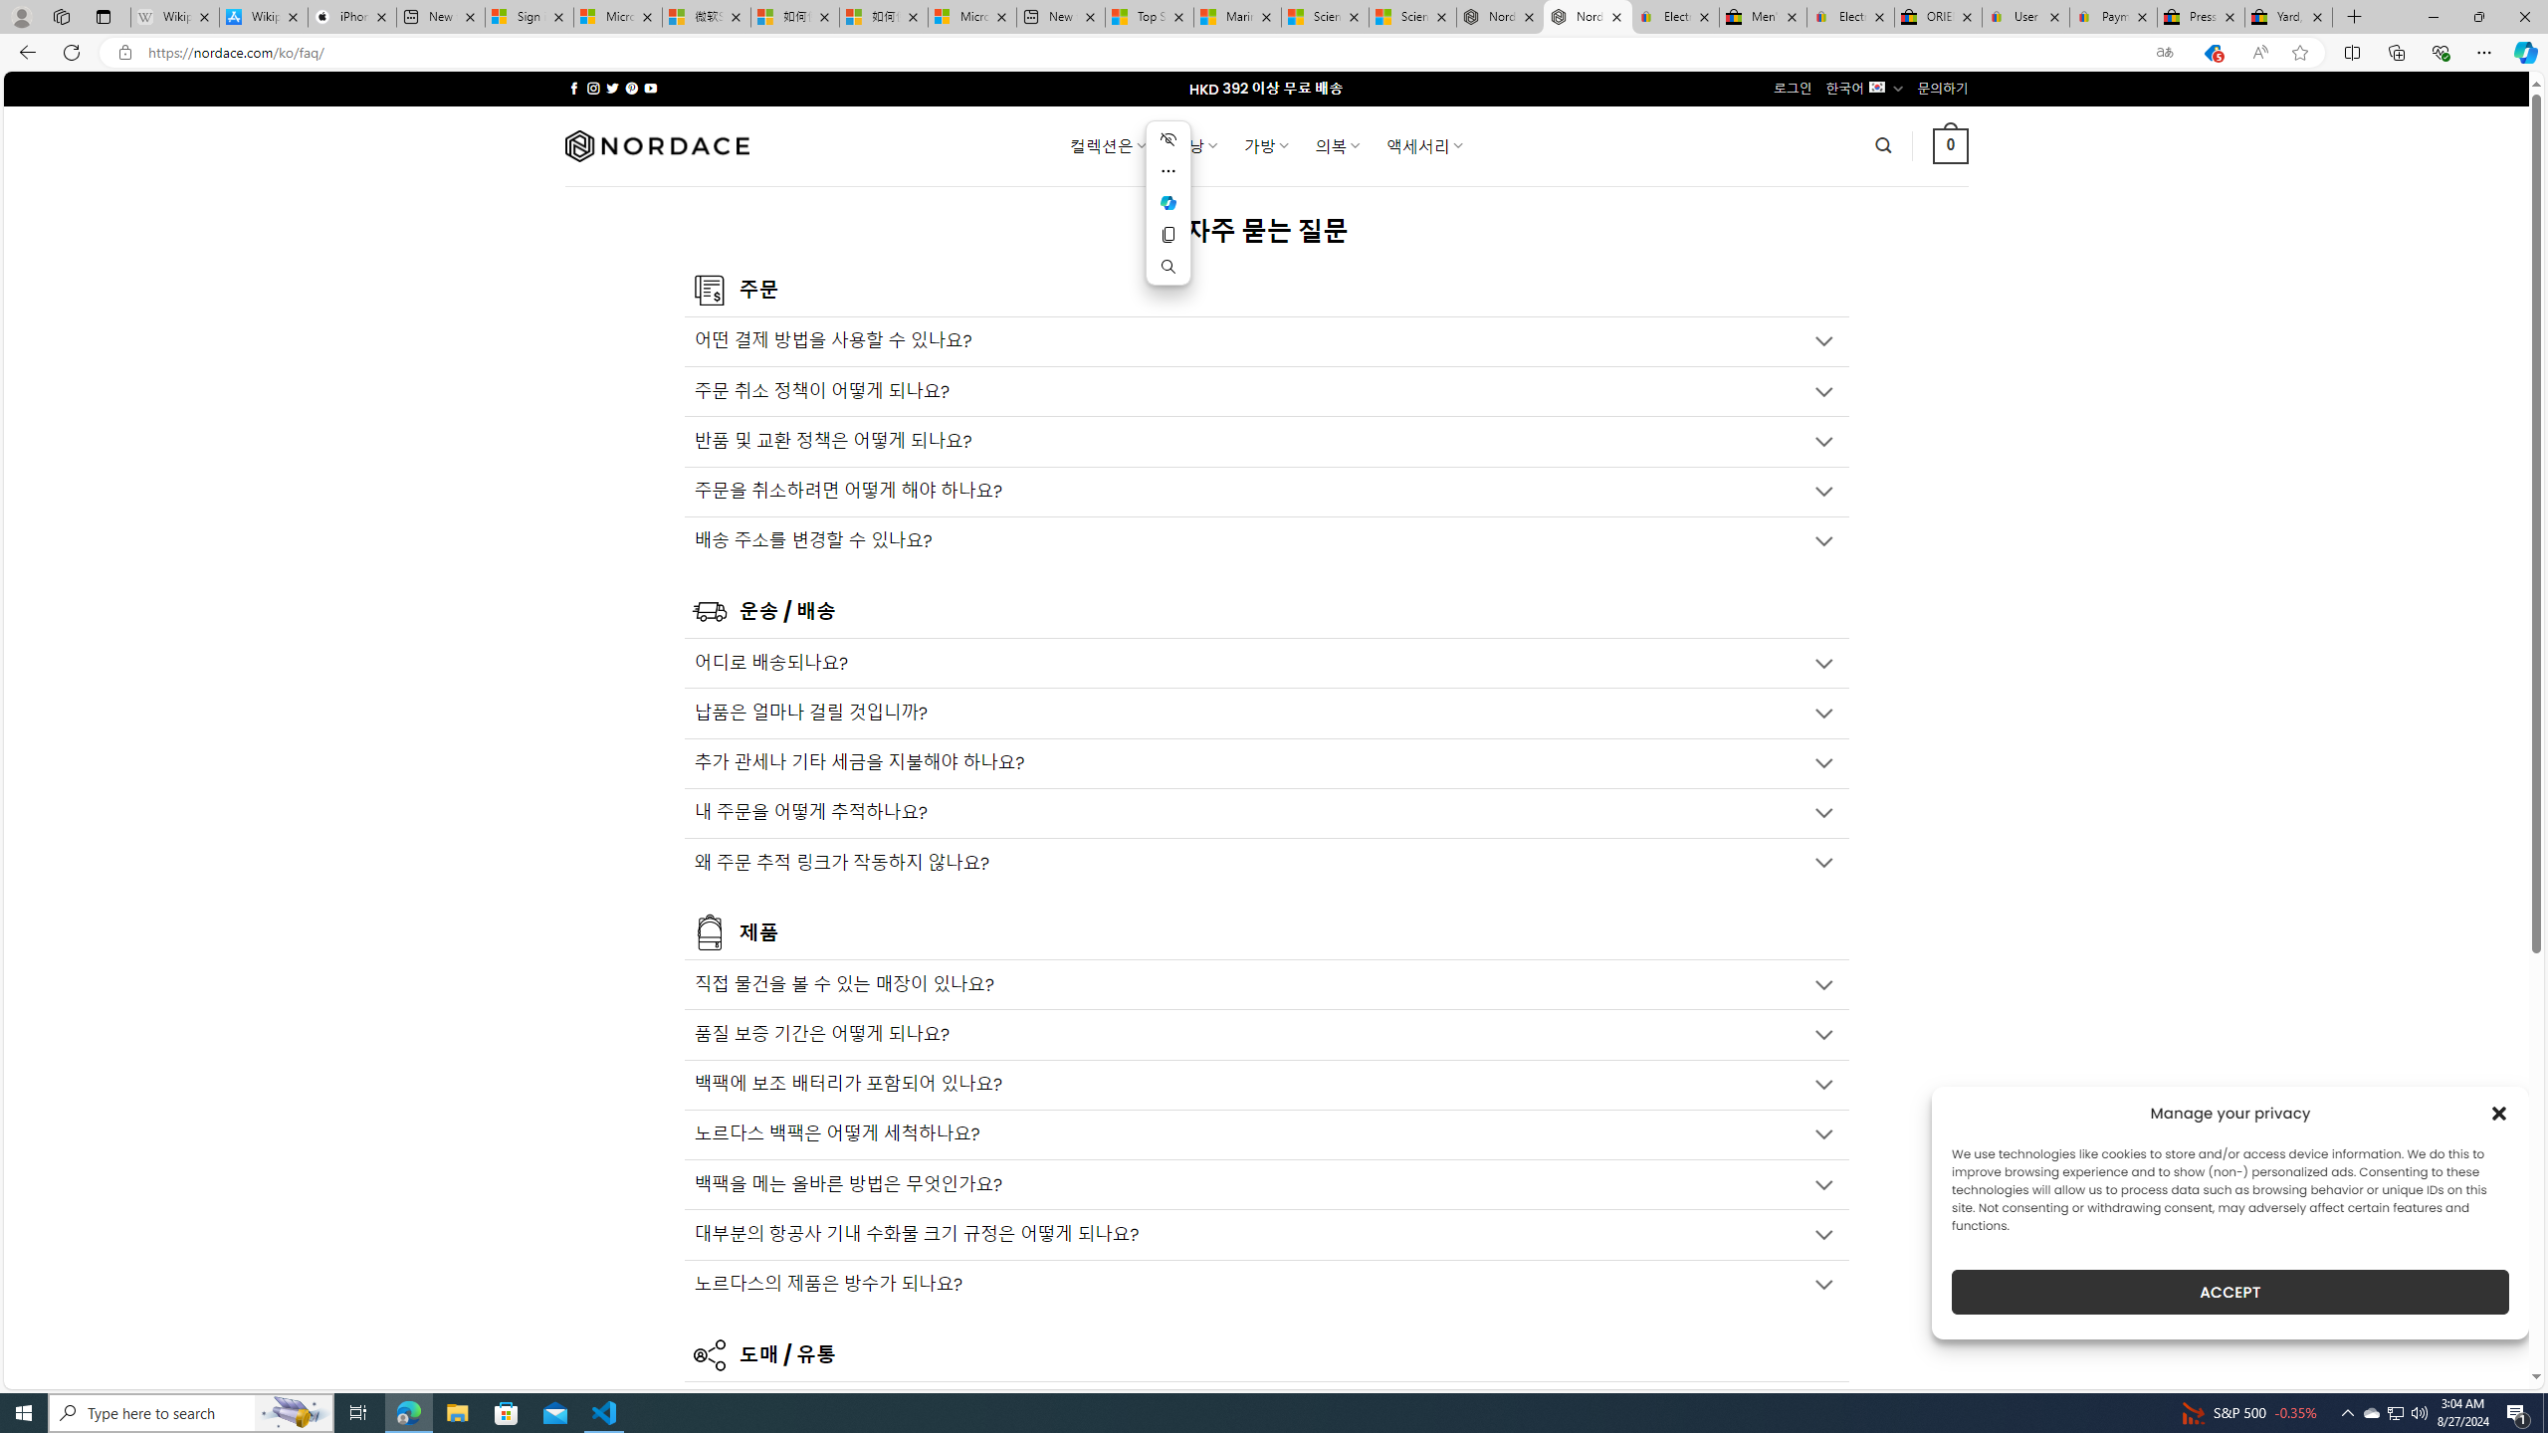 Image resolution: width=2548 pixels, height=1433 pixels. What do you see at coordinates (1588, 16) in the screenshot?
I see `'Nordace - FAQ'` at bounding box center [1588, 16].